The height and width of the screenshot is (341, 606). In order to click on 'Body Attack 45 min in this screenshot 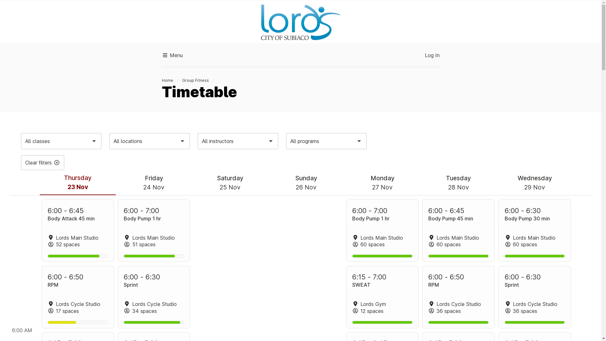, I will do `click(77, 230)`.